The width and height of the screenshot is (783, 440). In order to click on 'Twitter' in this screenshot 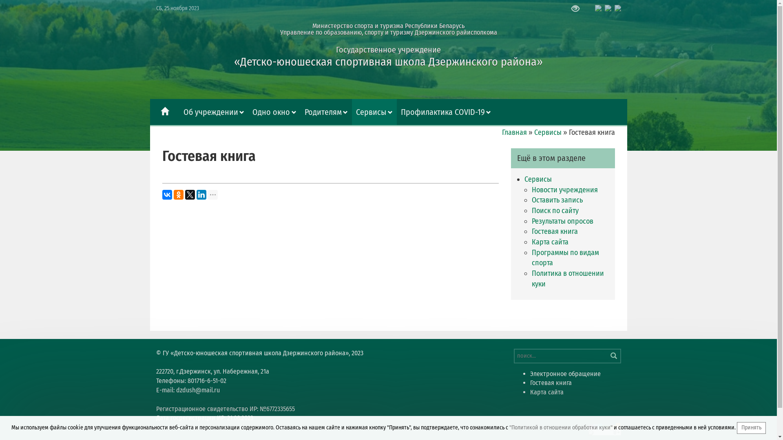, I will do `click(189, 195)`.